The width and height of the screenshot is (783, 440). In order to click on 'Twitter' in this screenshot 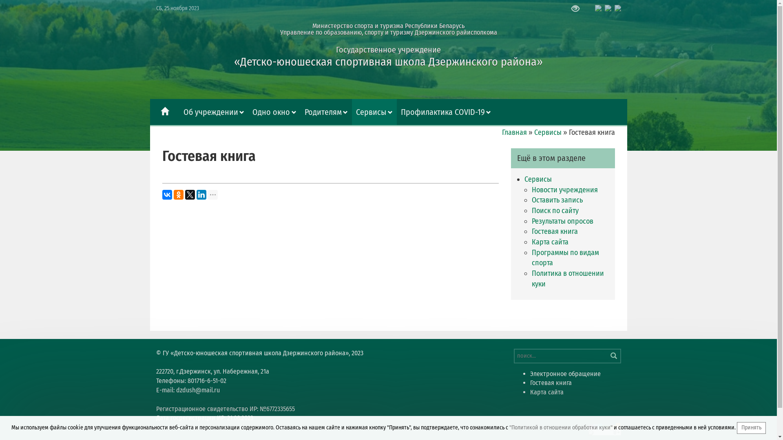, I will do `click(189, 195)`.